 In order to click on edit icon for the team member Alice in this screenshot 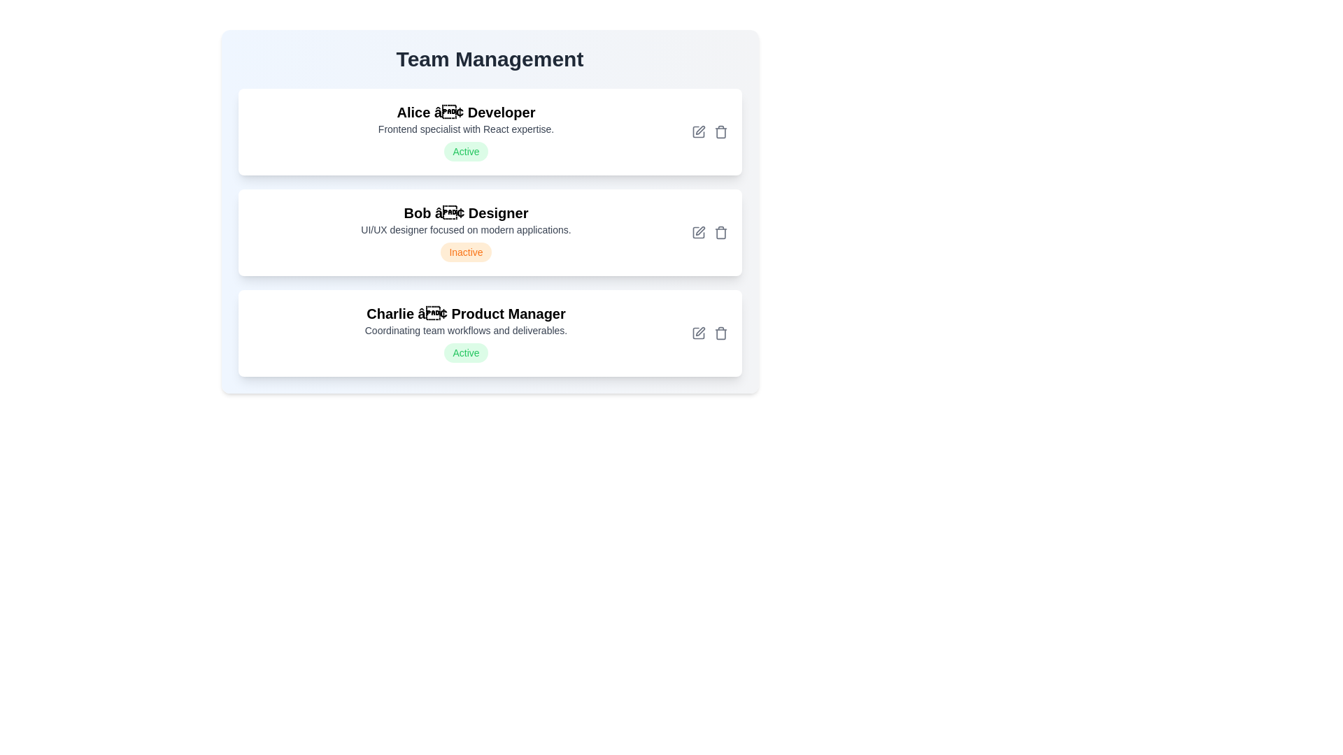, I will do `click(698, 132)`.